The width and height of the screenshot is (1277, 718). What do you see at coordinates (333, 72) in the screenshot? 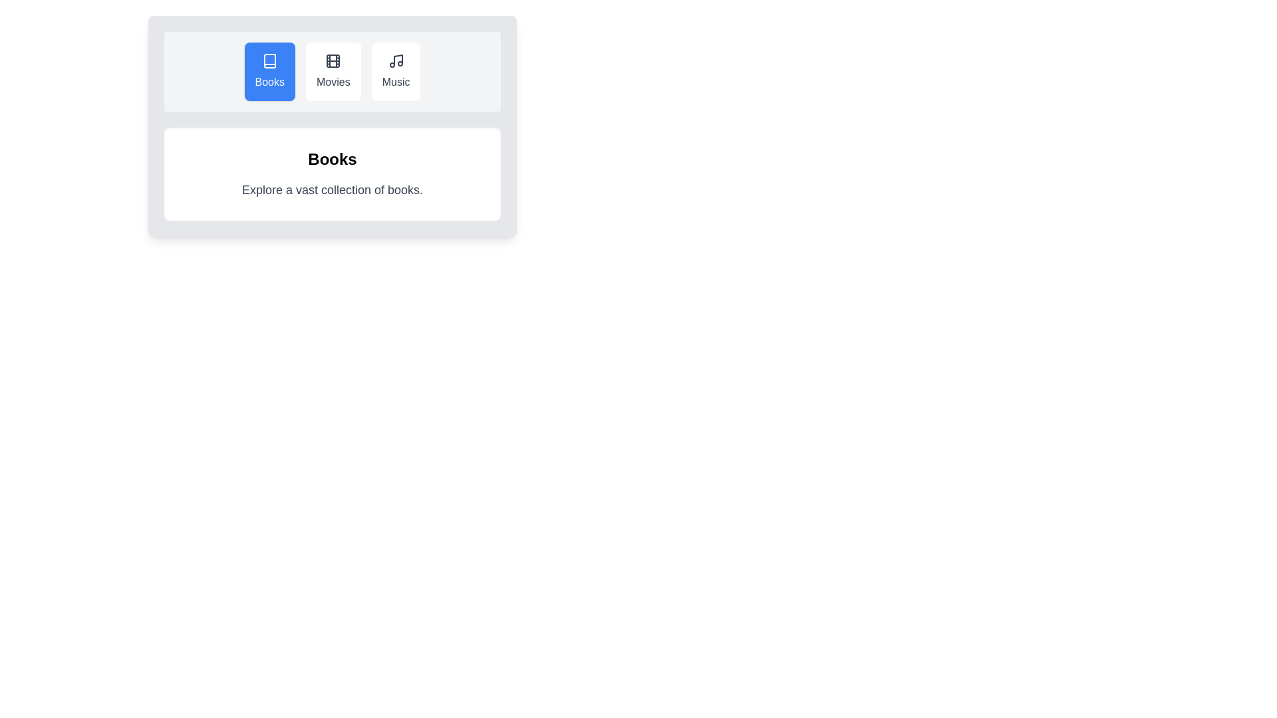
I see `the tab with title Movies to select it` at bounding box center [333, 72].